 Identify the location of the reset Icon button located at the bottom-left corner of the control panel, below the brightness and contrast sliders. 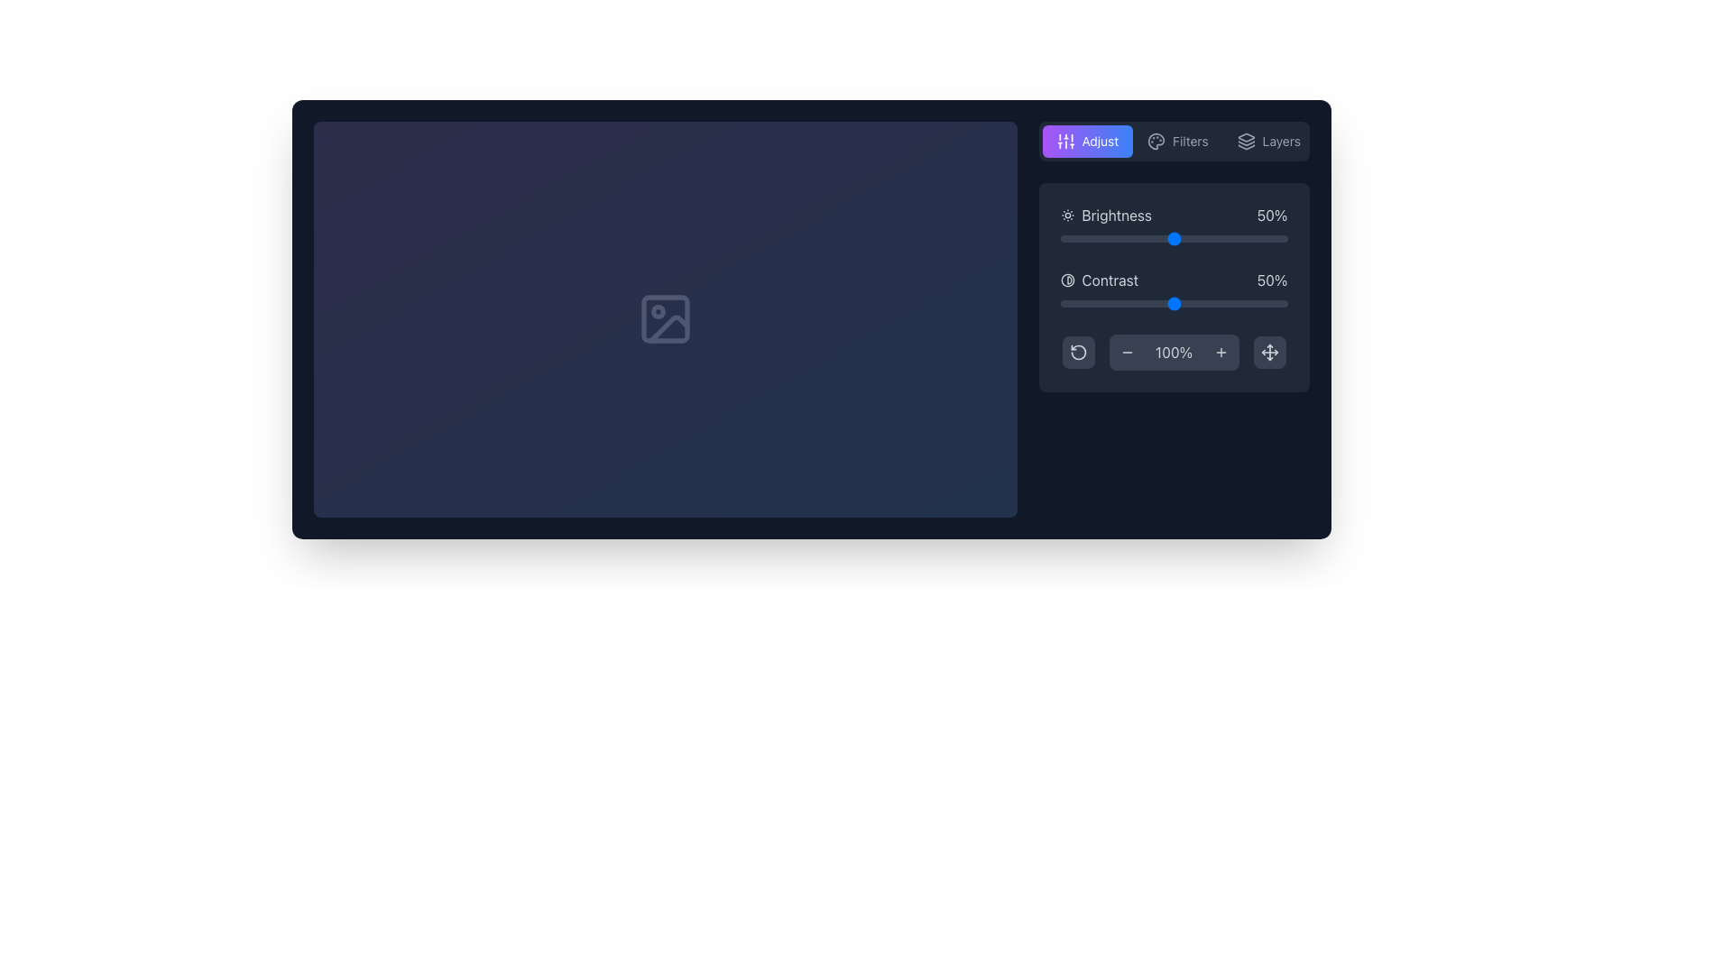
(1078, 352).